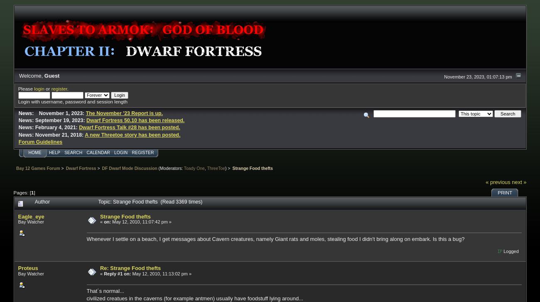  What do you see at coordinates (27, 268) in the screenshot?
I see `'Proteus'` at bounding box center [27, 268].